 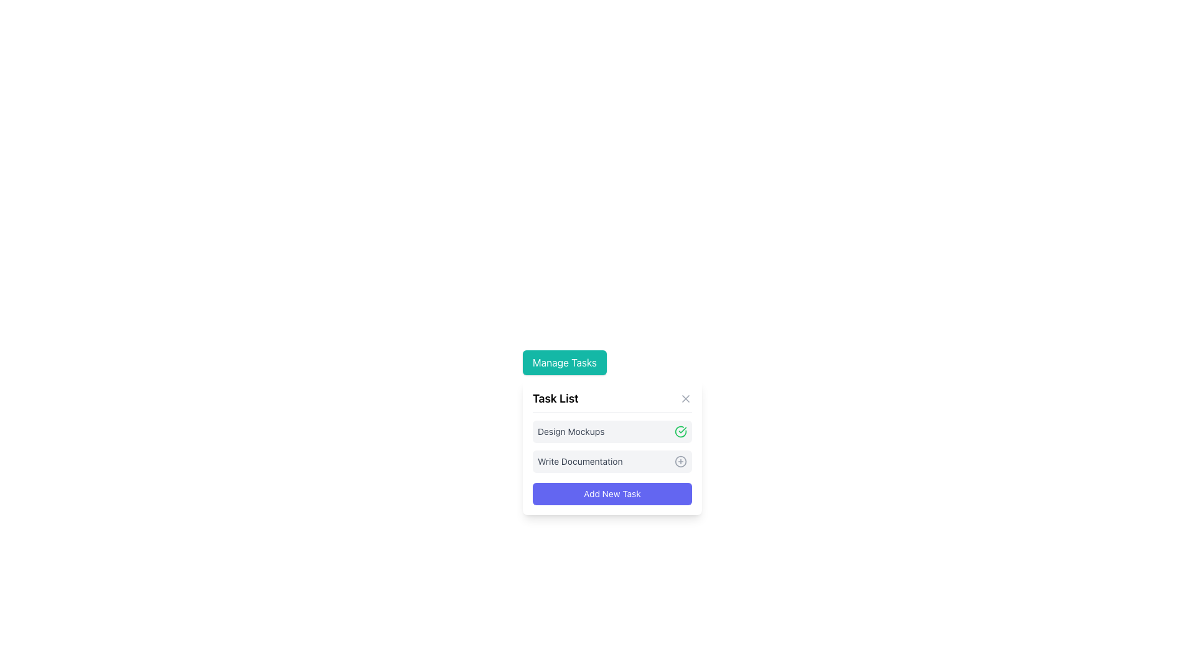 What do you see at coordinates (555, 398) in the screenshot?
I see `the 'Task List' header, which is styled in bold font and positioned at the top of the Task List modal panel` at bounding box center [555, 398].